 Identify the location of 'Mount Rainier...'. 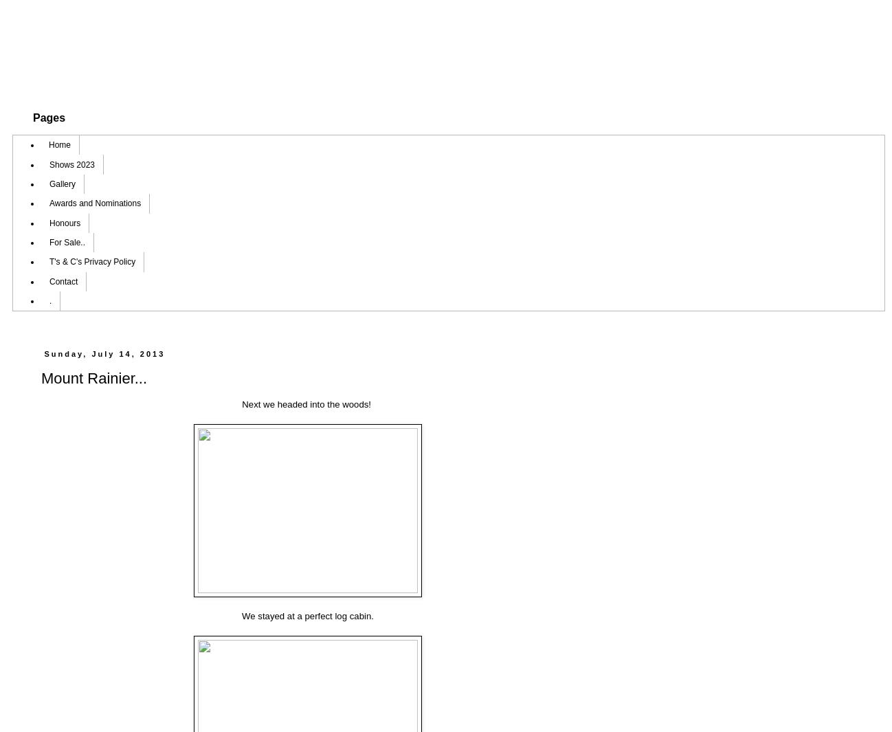
(93, 378).